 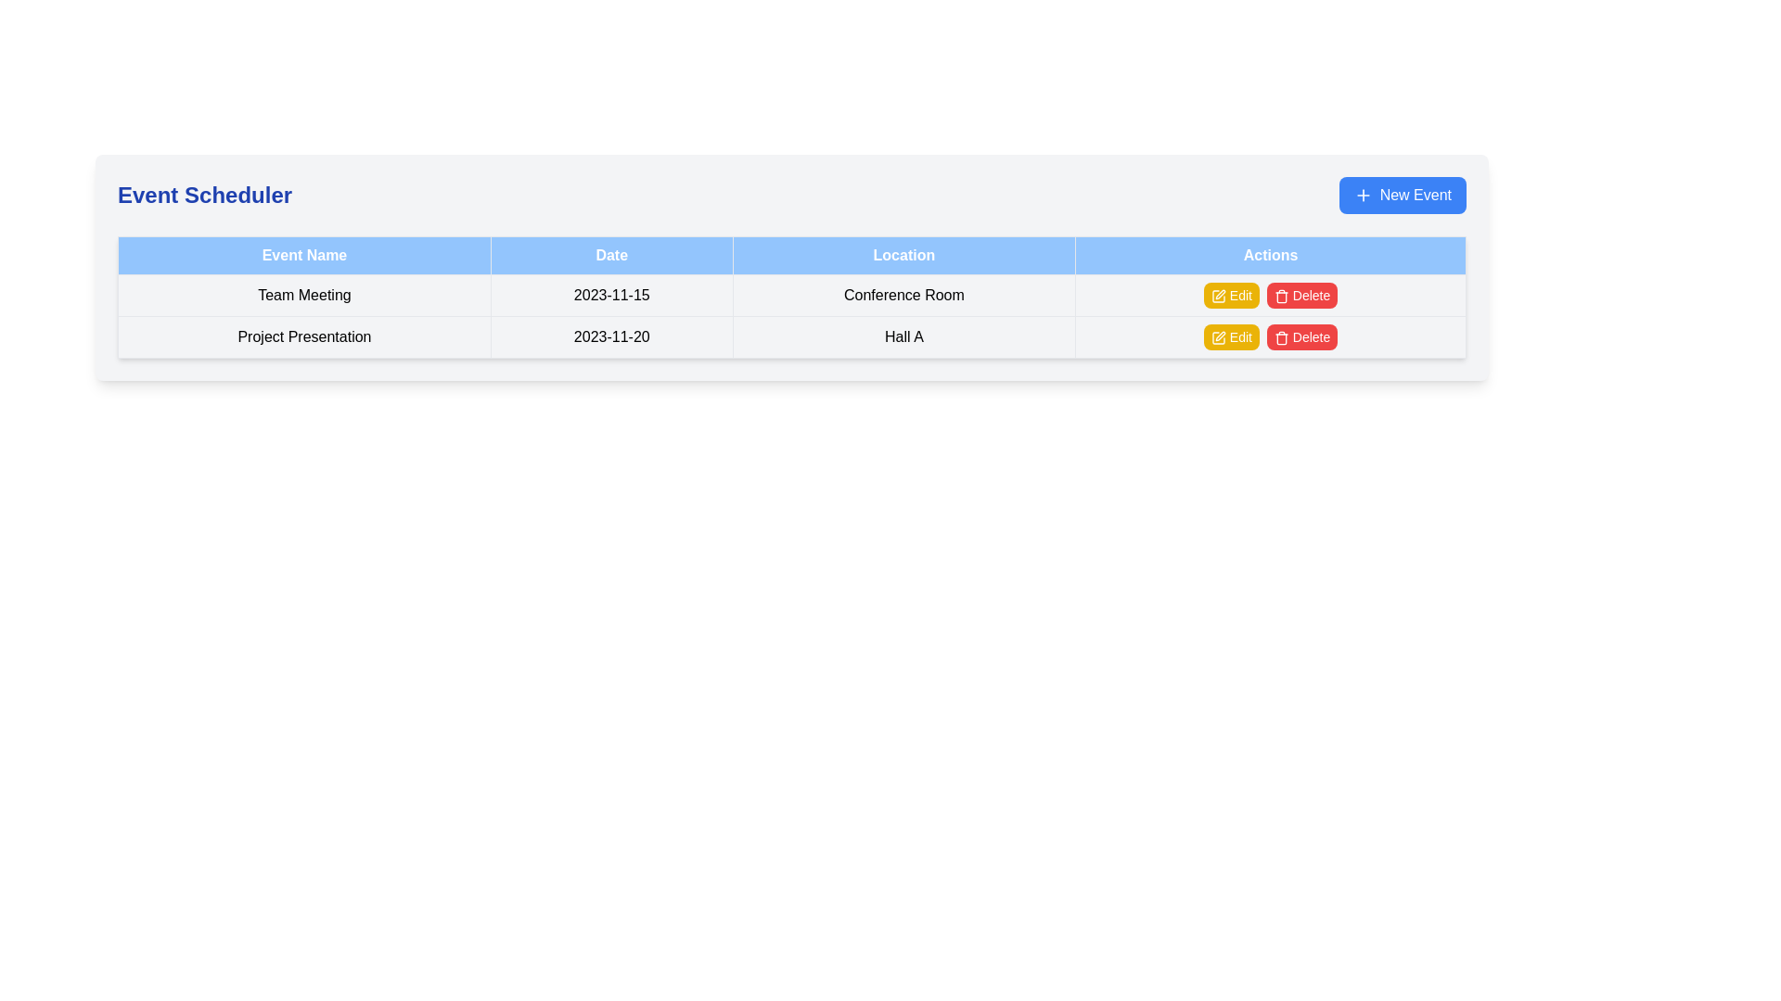 I want to click on the text block containing 'Conference Room' located under the 'Location' column in the first row of the 'Event Scheduler' table, which corresponds to the event 'Team Meeting', so click(x=903, y=295).